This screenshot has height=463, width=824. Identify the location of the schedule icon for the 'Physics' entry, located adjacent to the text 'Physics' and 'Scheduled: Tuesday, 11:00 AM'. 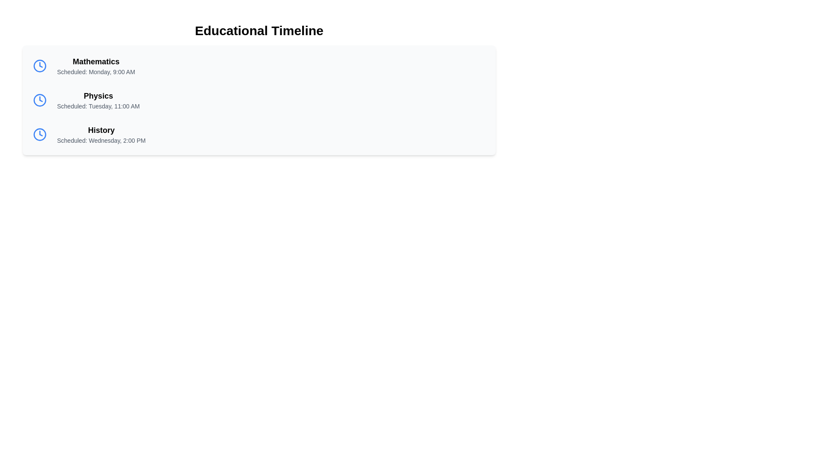
(39, 100).